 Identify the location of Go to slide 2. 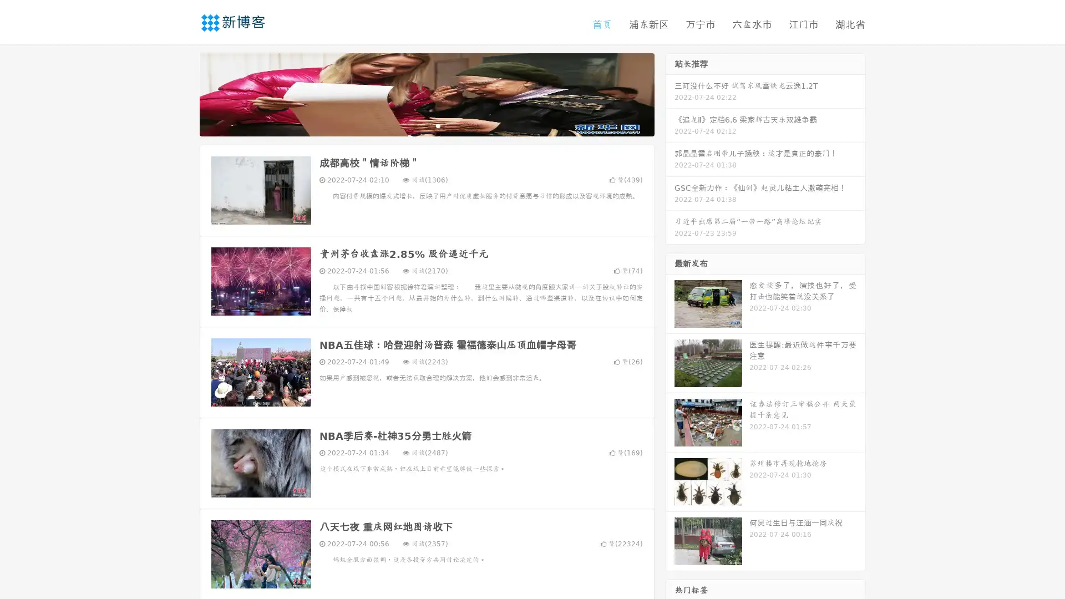
(426, 125).